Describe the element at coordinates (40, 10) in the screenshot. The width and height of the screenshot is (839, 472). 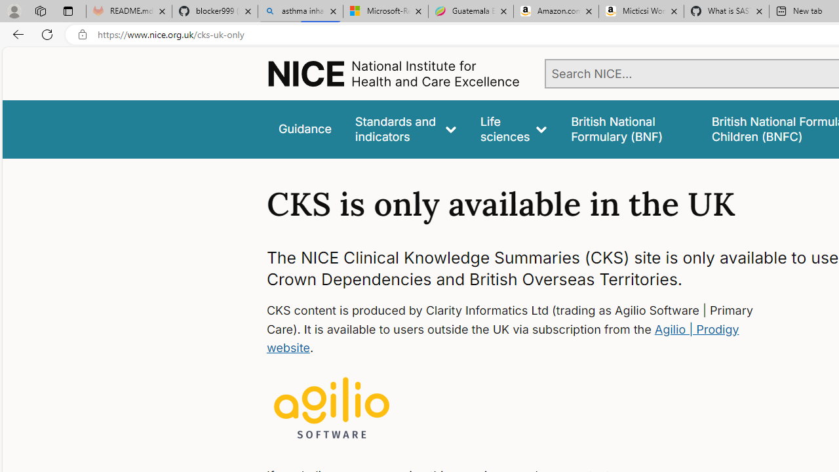
I see `'Workspaces'` at that location.